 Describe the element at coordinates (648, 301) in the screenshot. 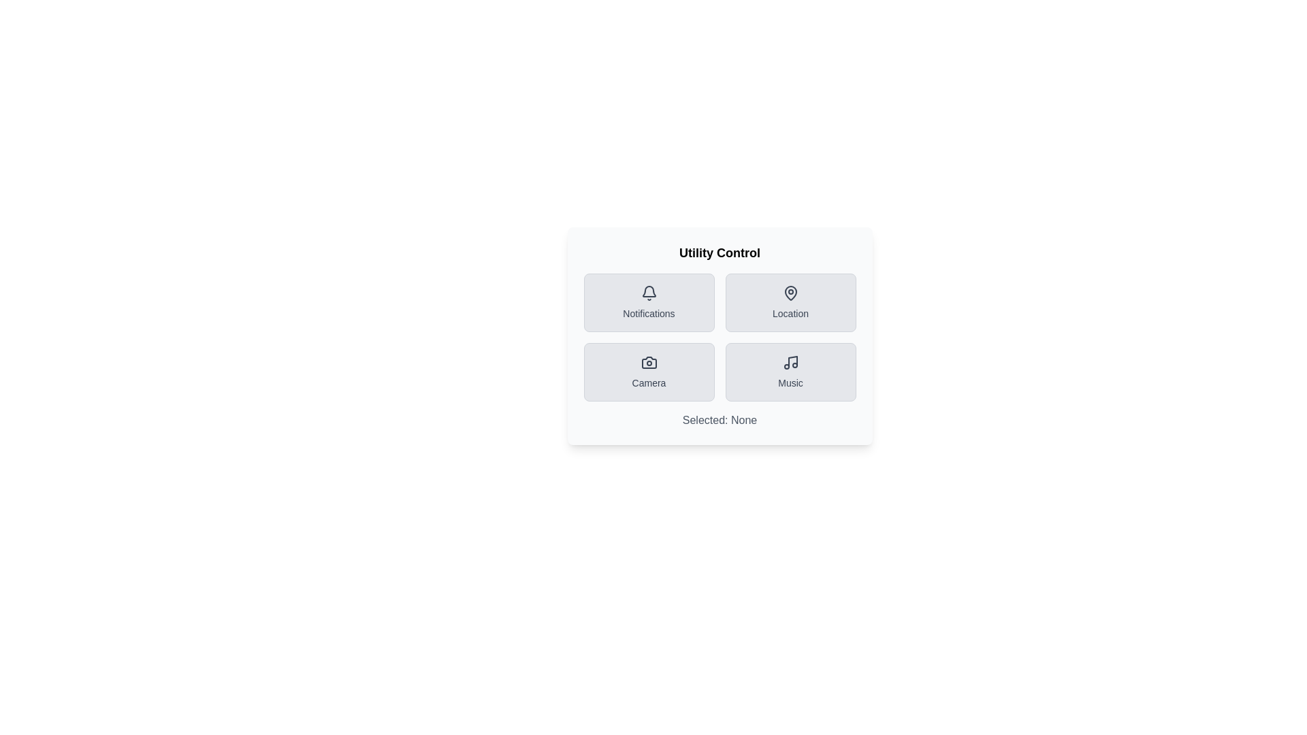

I see `the Notifications button to view its hover effect` at that location.